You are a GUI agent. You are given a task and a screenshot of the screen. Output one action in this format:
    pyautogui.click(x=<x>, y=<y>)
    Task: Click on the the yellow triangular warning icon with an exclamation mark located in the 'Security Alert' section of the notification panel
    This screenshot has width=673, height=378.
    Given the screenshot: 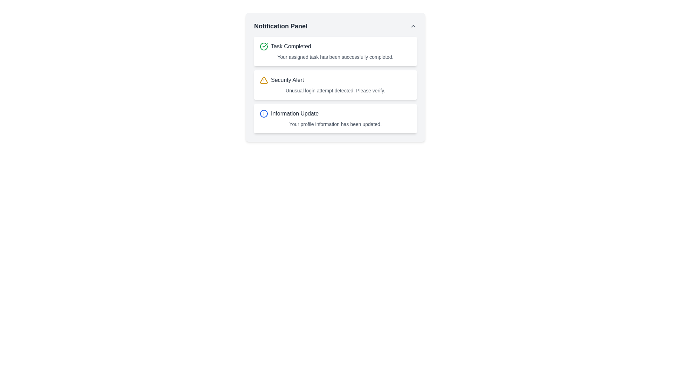 What is the action you would take?
    pyautogui.click(x=264, y=79)
    